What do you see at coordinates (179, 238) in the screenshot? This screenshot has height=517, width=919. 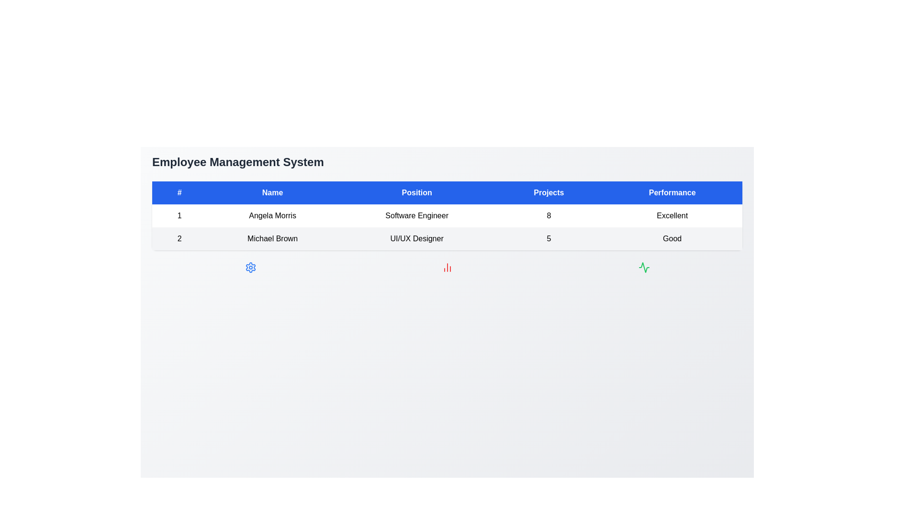 I see `the bold numeral '2' displayed in the first cell of the second row of the table, which is surrounded by a light gray background` at bounding box center [179, 238].